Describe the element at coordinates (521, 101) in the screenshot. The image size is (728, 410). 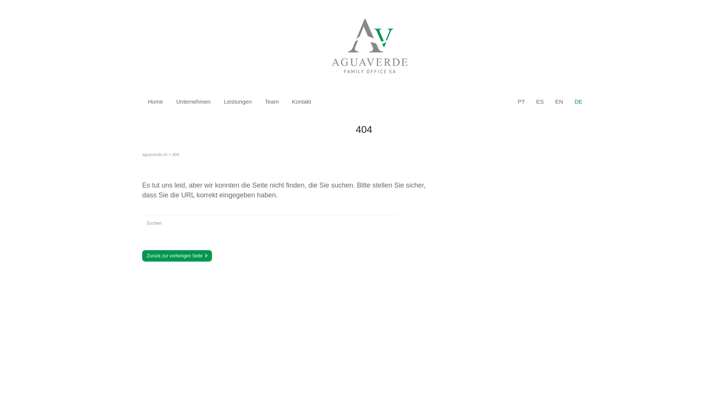
I see `'PT'` at that location.